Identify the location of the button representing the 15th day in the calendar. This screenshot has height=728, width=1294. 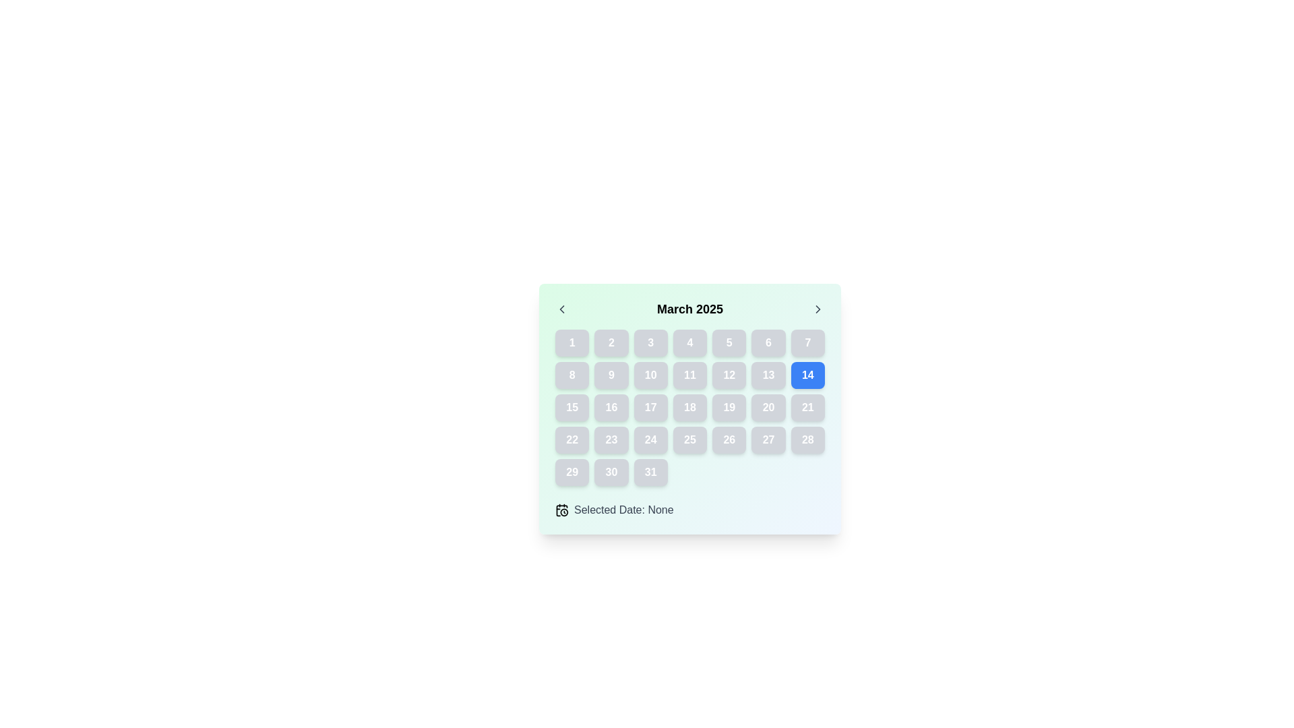
(572, 407).